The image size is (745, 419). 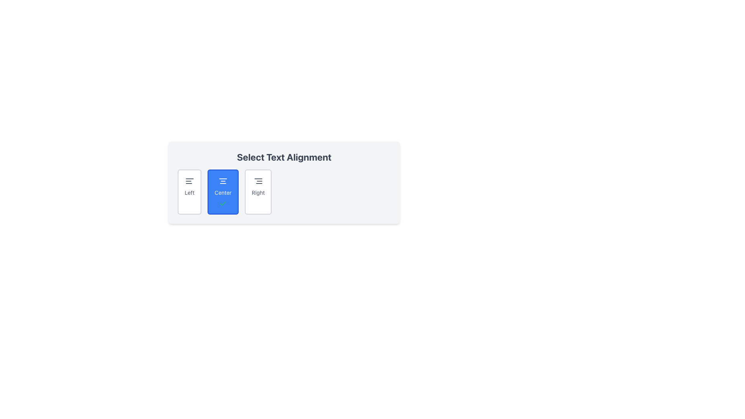 I want to click on the left-align button, which is the first button in a row of three alignment buttons, so click(x=189, y=192).